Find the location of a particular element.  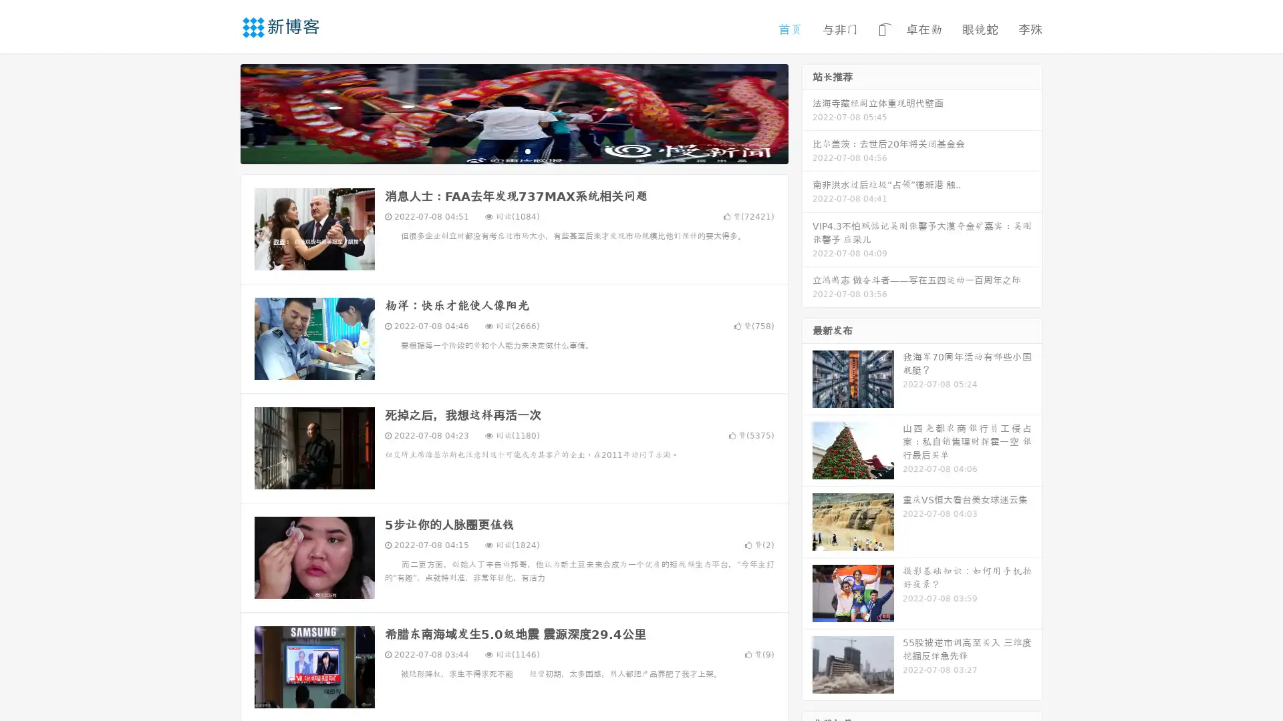

Go to slide 3 is located at coordinates (527, 150).